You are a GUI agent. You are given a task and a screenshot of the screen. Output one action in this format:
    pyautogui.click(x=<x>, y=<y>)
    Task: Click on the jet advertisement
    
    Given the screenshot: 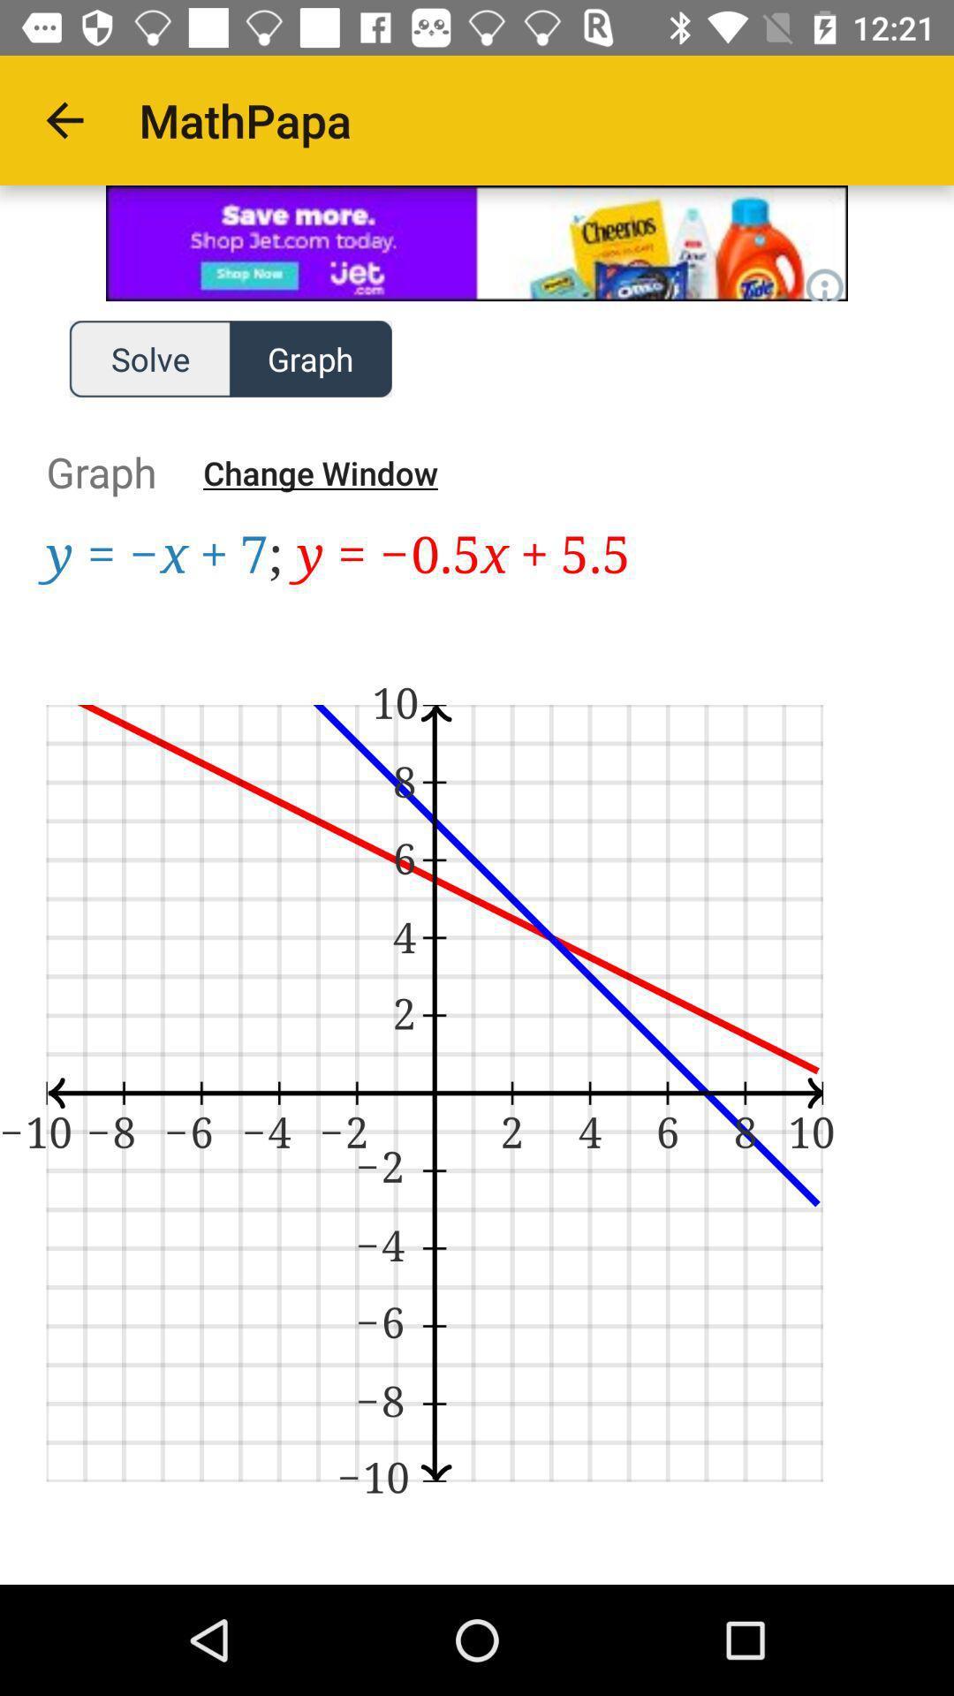 What is the action you would take?
    pyautogui.click(x=477, y=242)
    